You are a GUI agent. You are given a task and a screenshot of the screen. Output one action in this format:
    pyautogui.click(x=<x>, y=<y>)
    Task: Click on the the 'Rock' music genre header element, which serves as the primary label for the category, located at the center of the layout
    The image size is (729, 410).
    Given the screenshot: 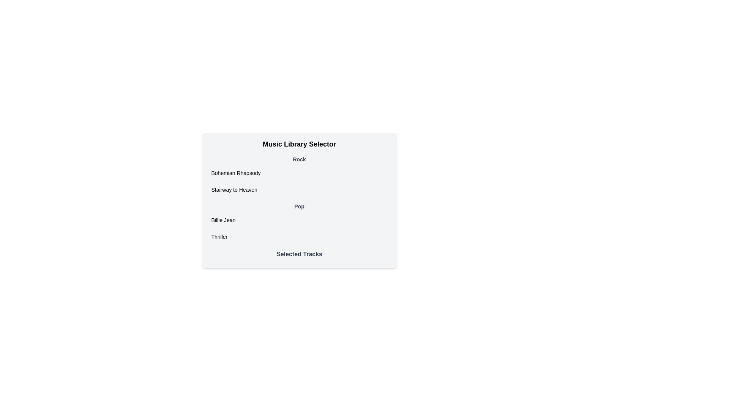 What is the action you would take?
    pyautogui.click(x=299, y=159)
    